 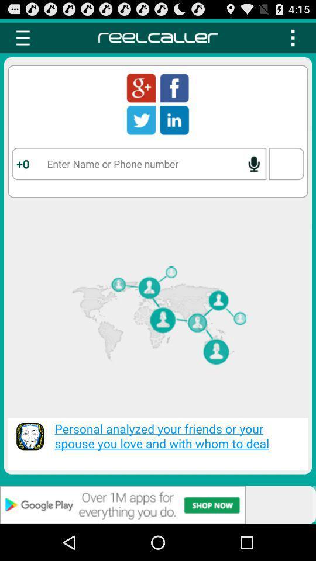 I want to click on settings icon, so click(x=23, y=37).